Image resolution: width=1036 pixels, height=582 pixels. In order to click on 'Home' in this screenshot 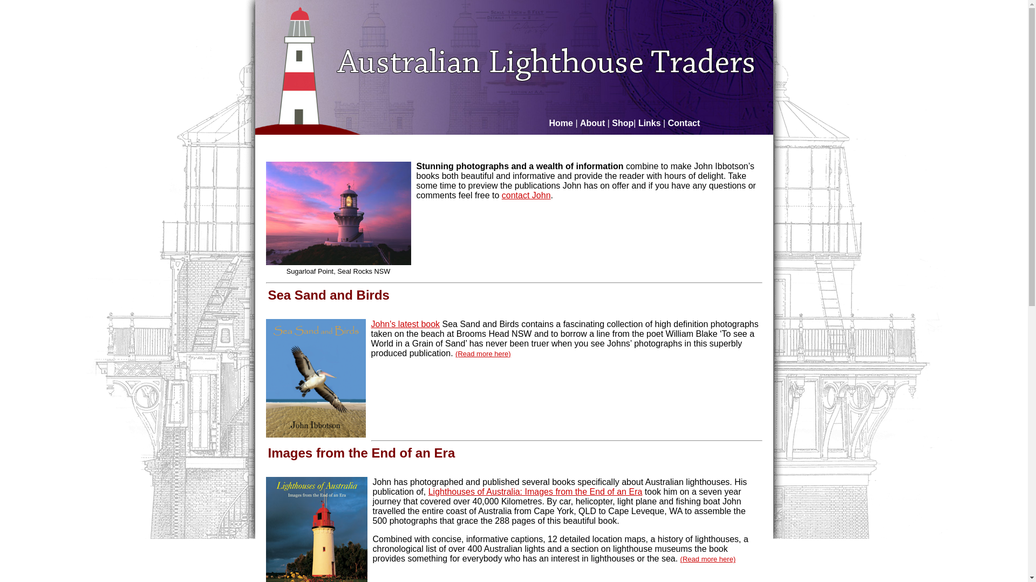, I will do `click(561, 122)`.